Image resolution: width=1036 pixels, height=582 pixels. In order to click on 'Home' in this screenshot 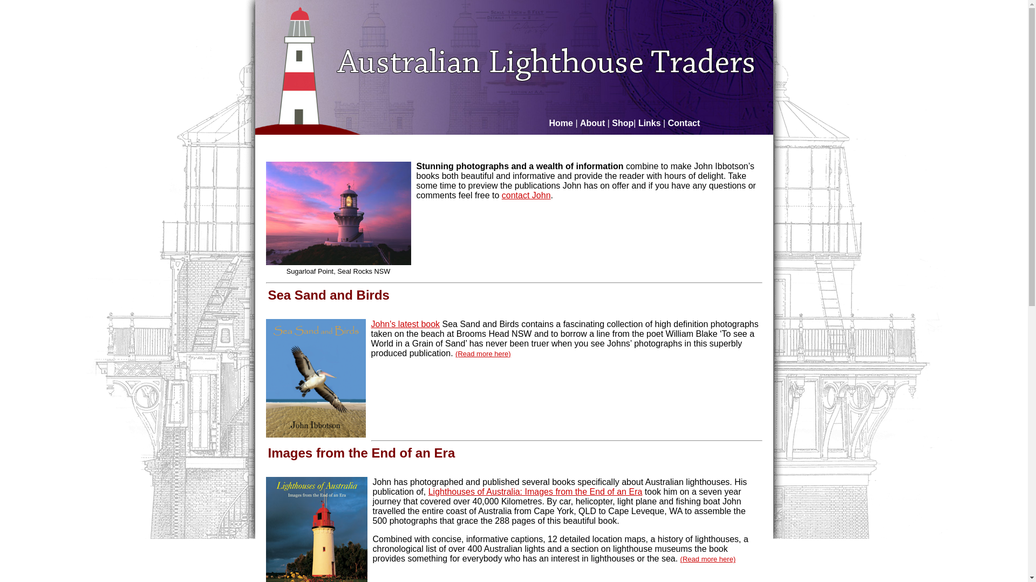, I will do `click(561, 122)`.